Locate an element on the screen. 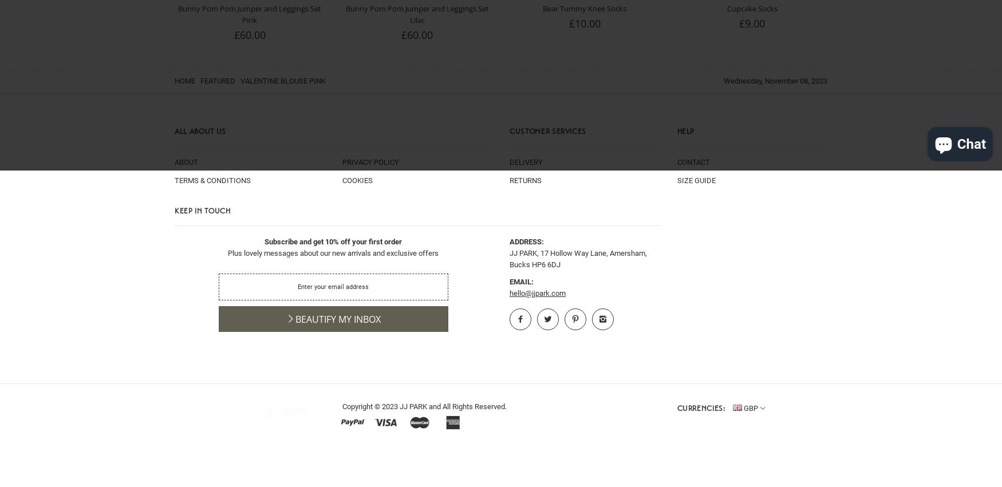  'All About Us' is located at coordinates (174, 131).